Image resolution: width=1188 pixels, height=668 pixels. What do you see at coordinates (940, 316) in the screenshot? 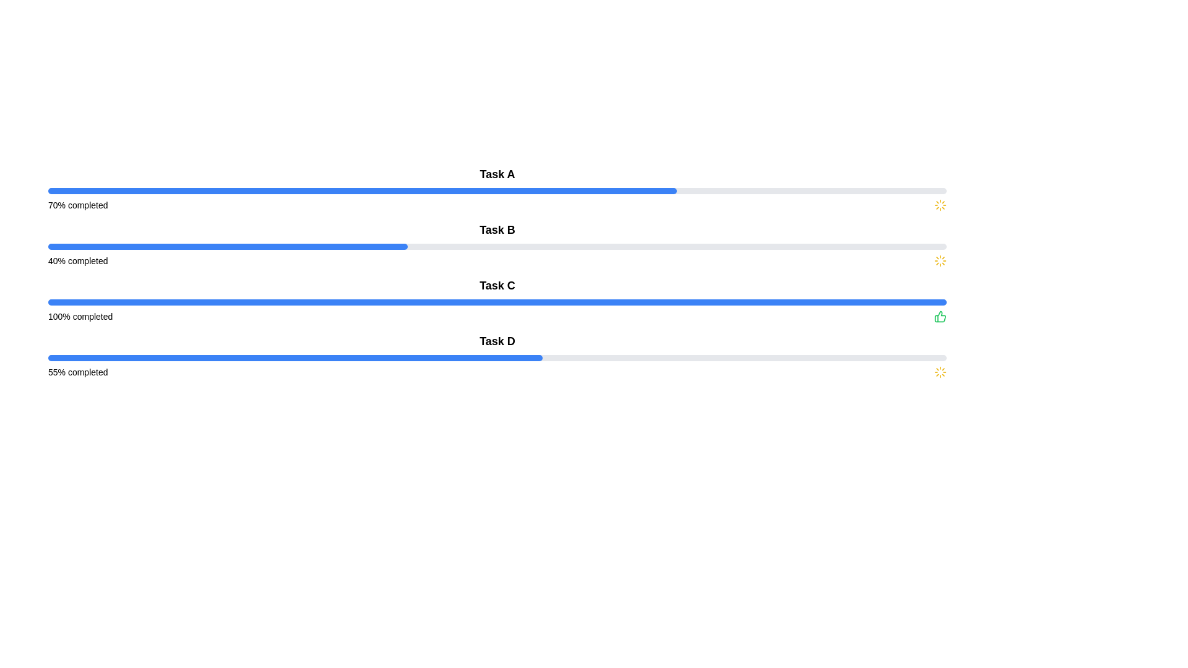
I see `the green thumbs-up icon located to the right of the '100% completed' text, which is at the end of the third progress bar labeled 'Task C'` at bounding box center [940, 316].